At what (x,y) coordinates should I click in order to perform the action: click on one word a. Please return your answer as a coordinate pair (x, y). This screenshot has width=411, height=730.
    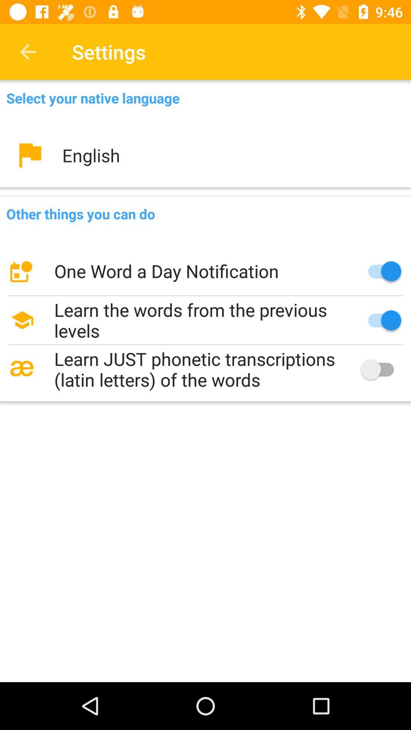
    Looking at the image, I should click on (205, 271).